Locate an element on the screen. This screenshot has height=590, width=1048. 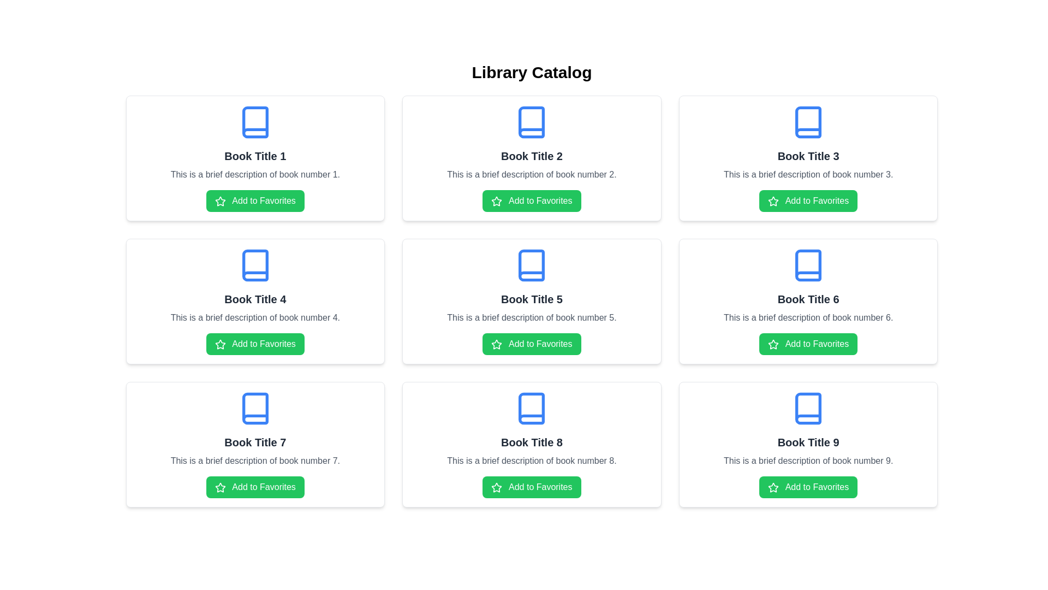
the button to mark 'Book Title 9' as a favorite, located in the bottom section of the card underneath the book description text is located at coordinates (808, 486).